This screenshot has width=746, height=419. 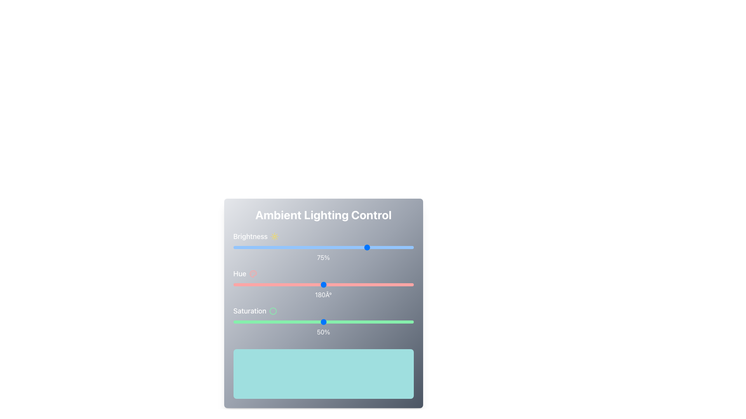 What do you see at coordinates (247, 322) in the screenshot?
I see `saturation` at bounding box center [247, 322].